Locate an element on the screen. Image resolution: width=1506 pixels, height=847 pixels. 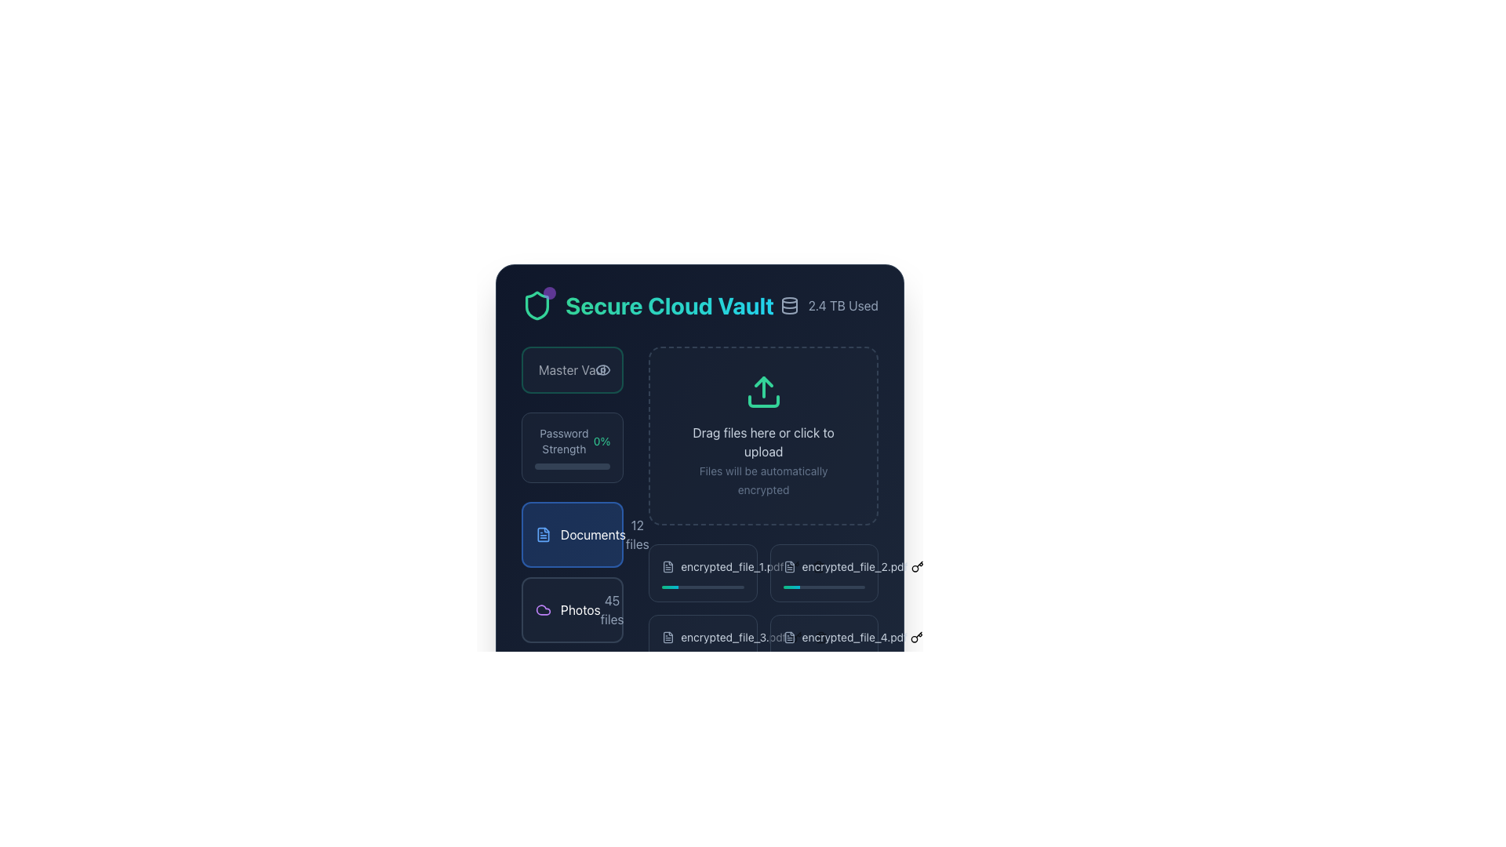
the 'Secure Cloud Vault' text label, which is styled with a gradient color from emerald-green to cyan and is located in the upper section of the interface, below a shield-shaped icon and aligned with the '2.4 TB Used' text is located at coordinates (648, 305).